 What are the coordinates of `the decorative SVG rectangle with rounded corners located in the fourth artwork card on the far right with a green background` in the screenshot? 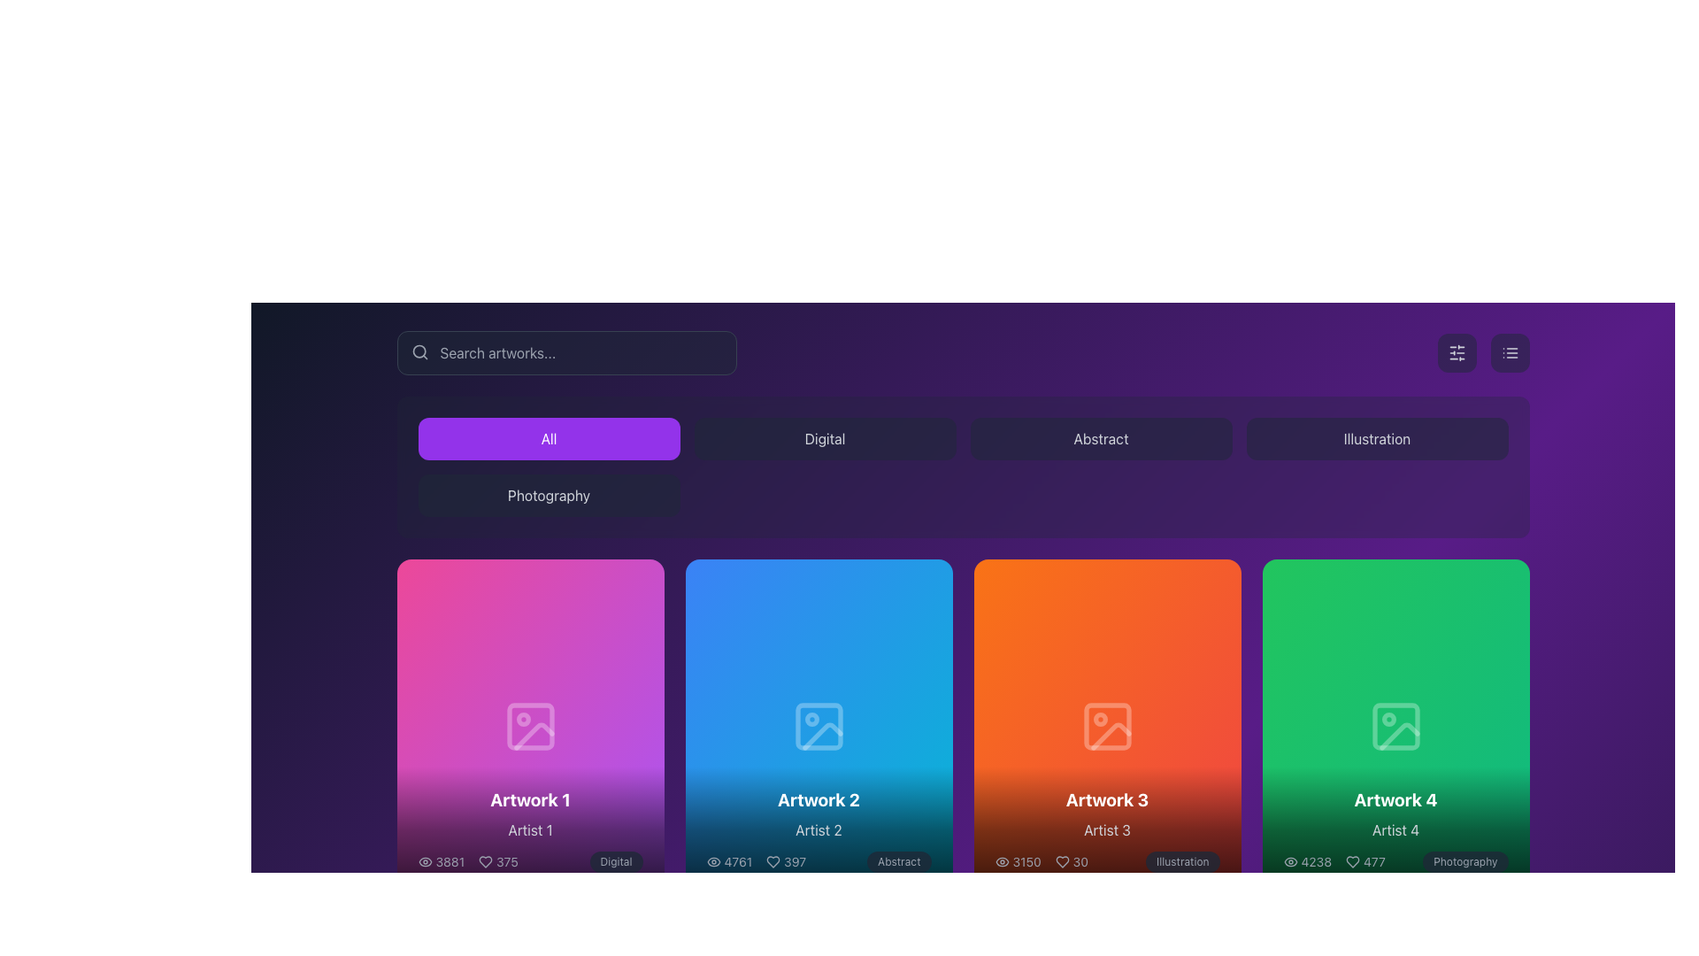 It's located at (1395, 726).